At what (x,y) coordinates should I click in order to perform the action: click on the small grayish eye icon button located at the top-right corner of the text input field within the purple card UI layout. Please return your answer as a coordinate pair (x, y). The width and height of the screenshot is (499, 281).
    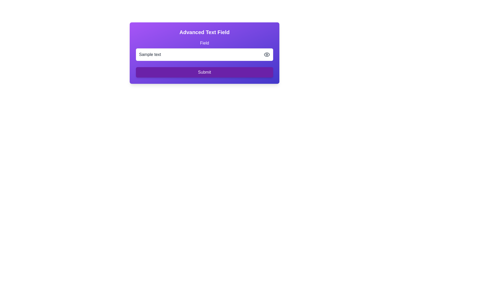
    Looking at the image, I should click on (267, 54).